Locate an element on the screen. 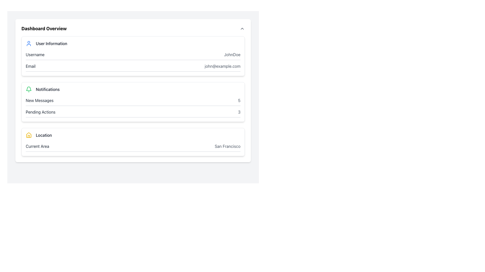 Image resolution: width=485 pixels, height=272 pixels. the house icon, which is outlined in yellow and located in the 'Location' section of the interface, adjacent to the 'Location' label is located at coordinates (29, 135).